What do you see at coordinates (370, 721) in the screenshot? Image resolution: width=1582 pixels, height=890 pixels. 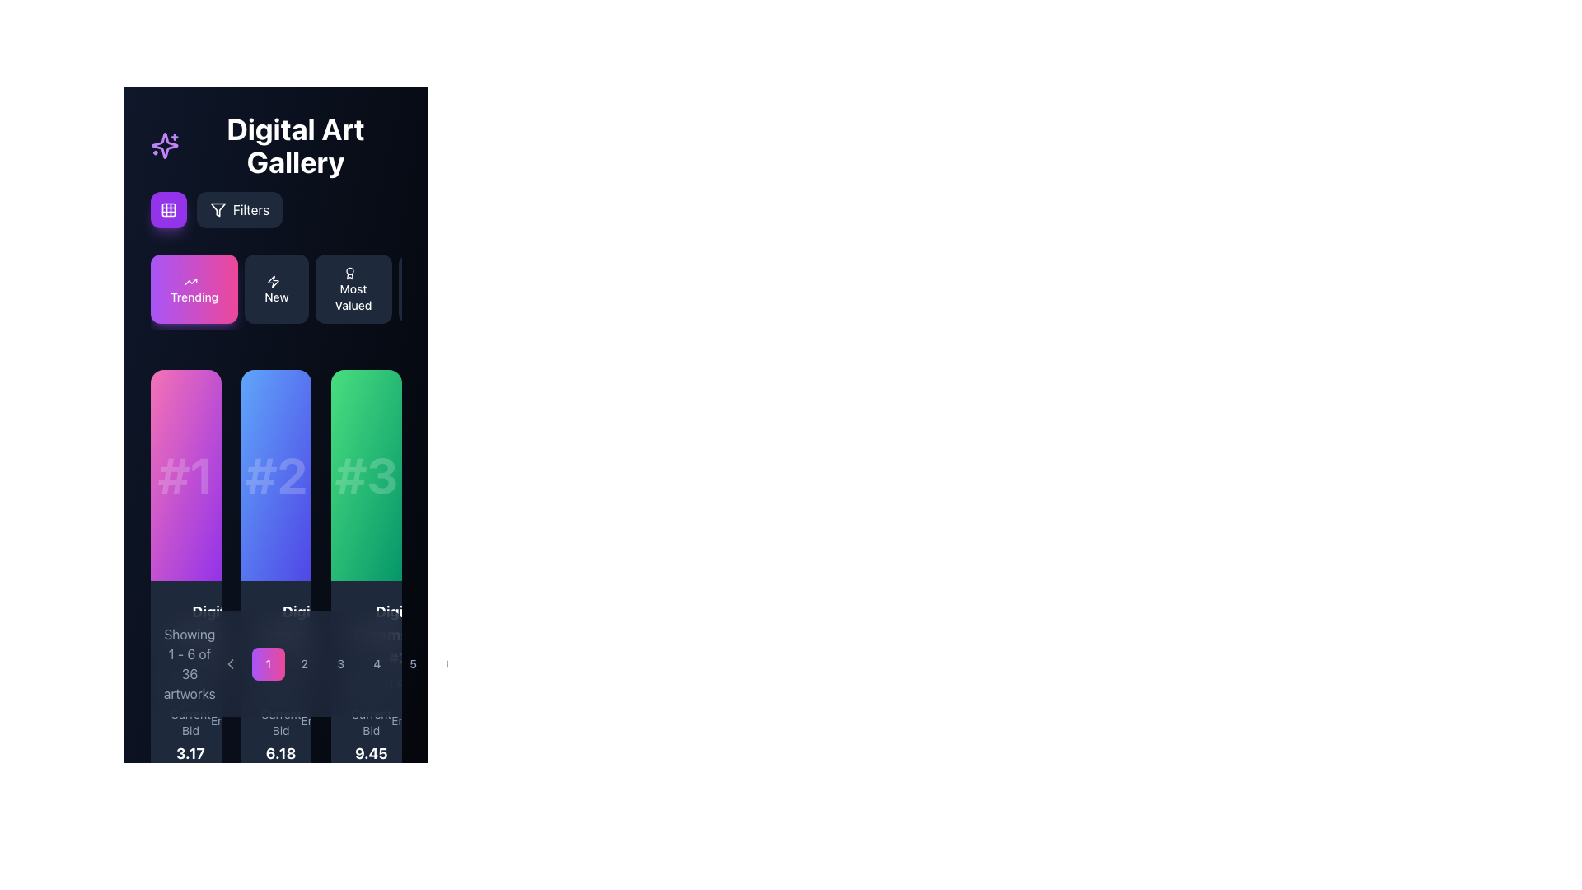 I see `text label that provides context for the bid amount '9.45 ETH', located beneath card '#3' in the third column` at bounding box center [370, 721].